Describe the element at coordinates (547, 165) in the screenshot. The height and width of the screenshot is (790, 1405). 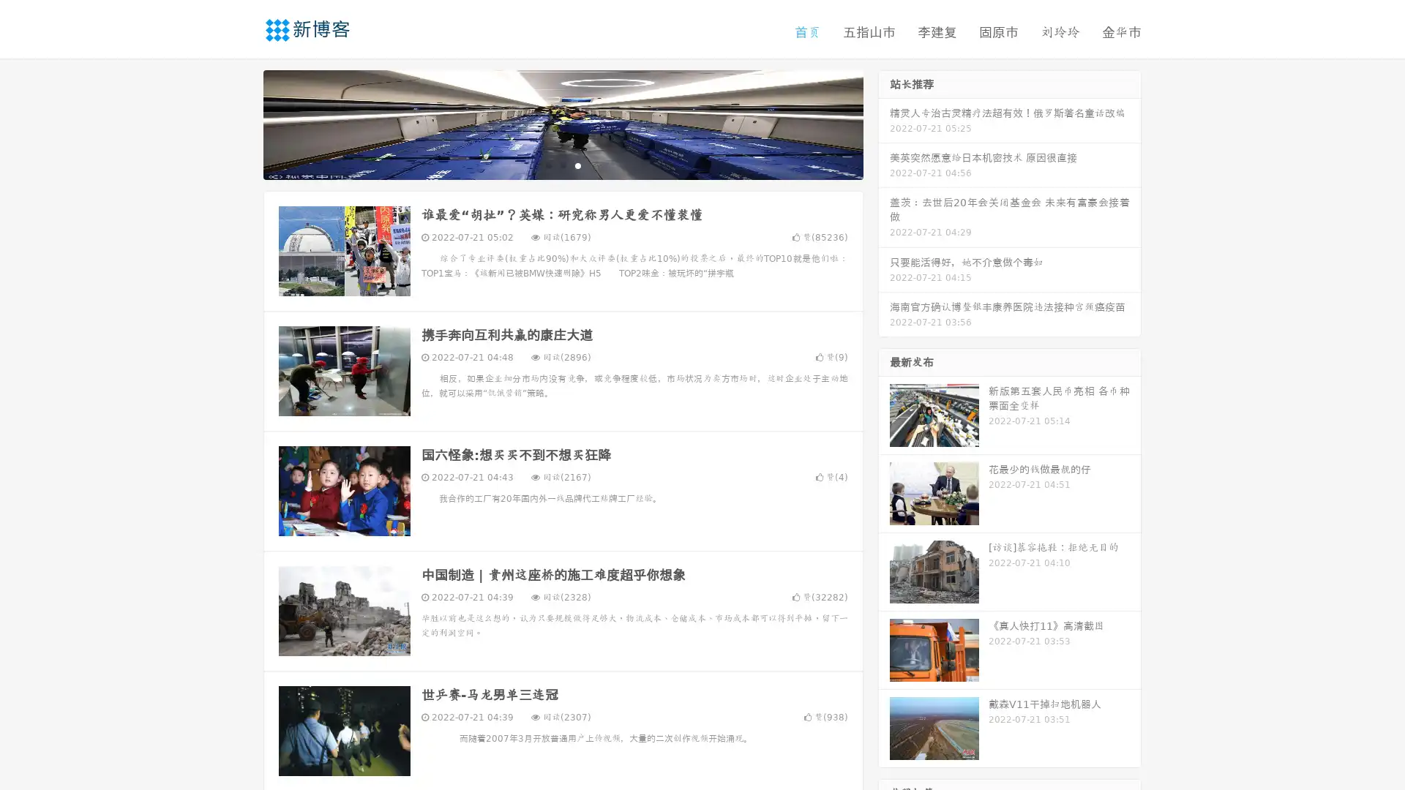
I see `Go to slide 1` at that location.